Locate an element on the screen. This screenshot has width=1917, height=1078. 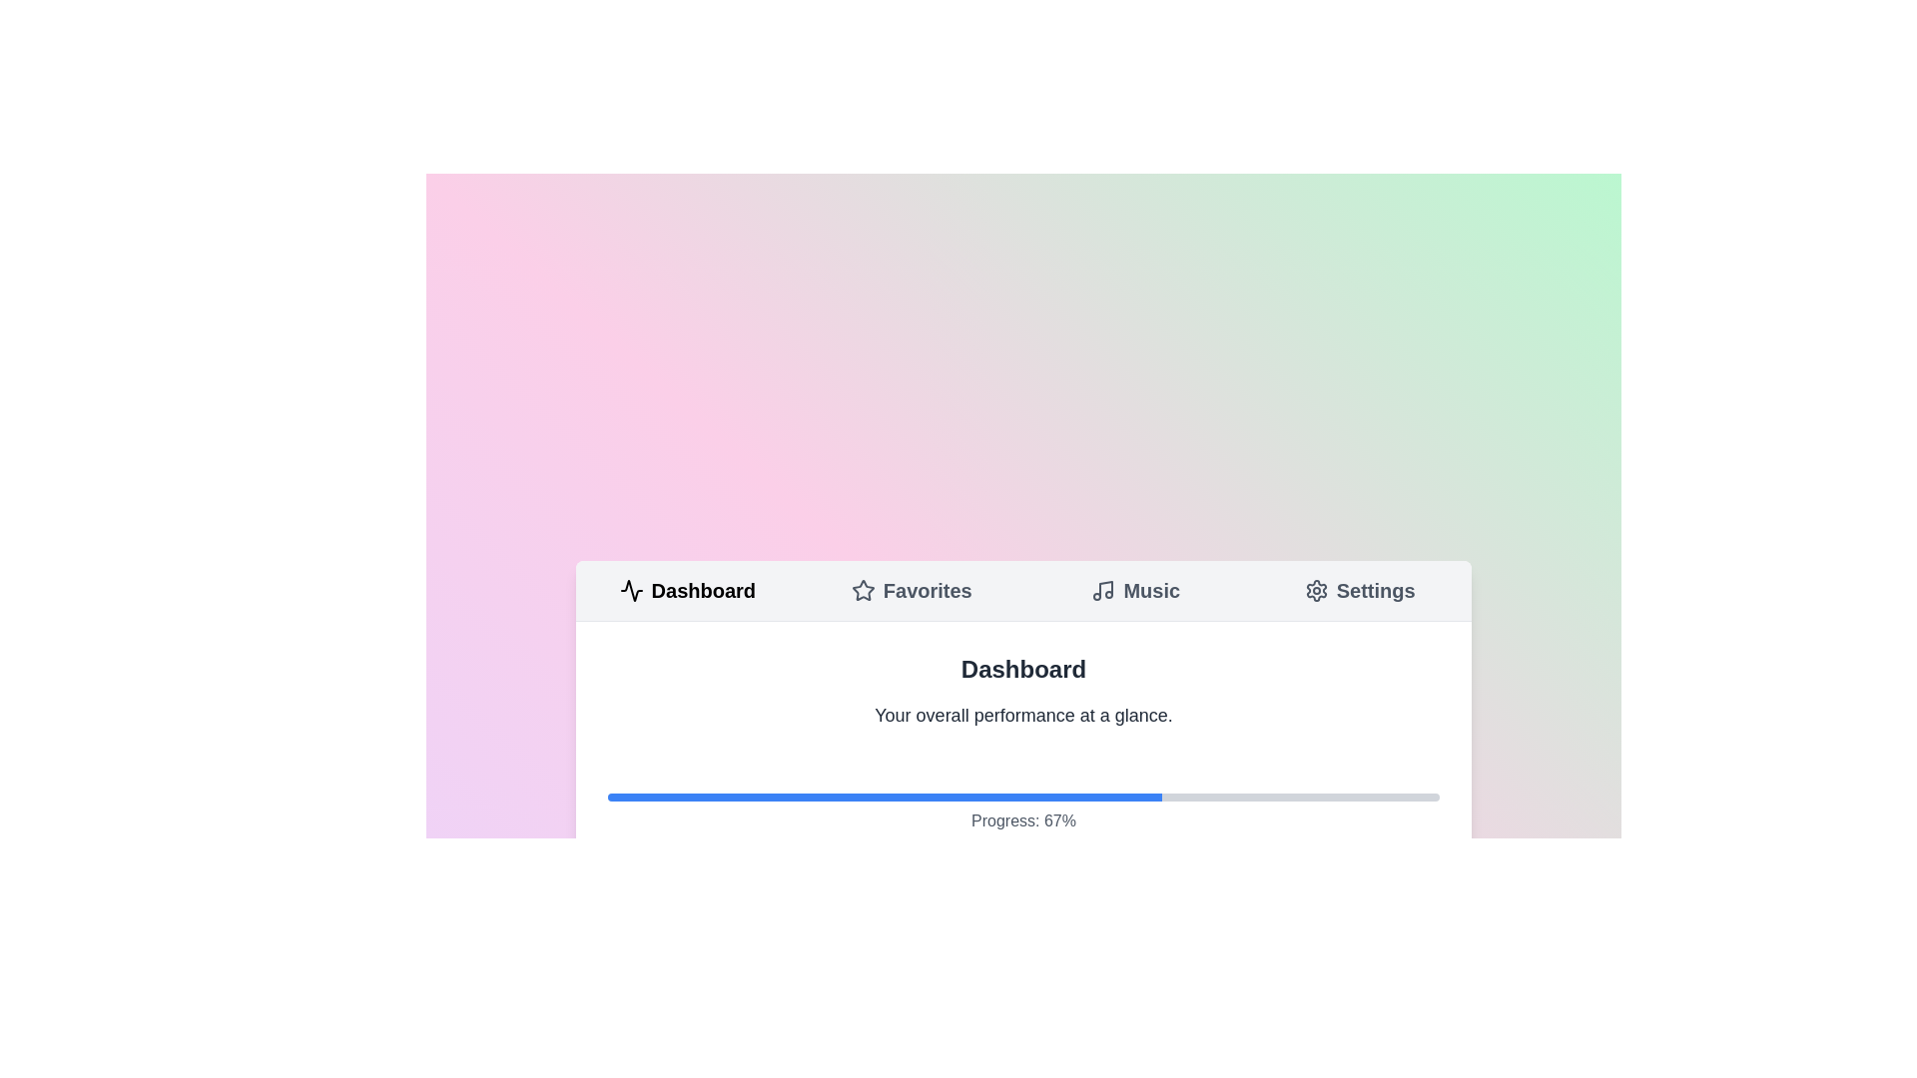
the tab labeled Dashboard is located at coordinates (687, 589).